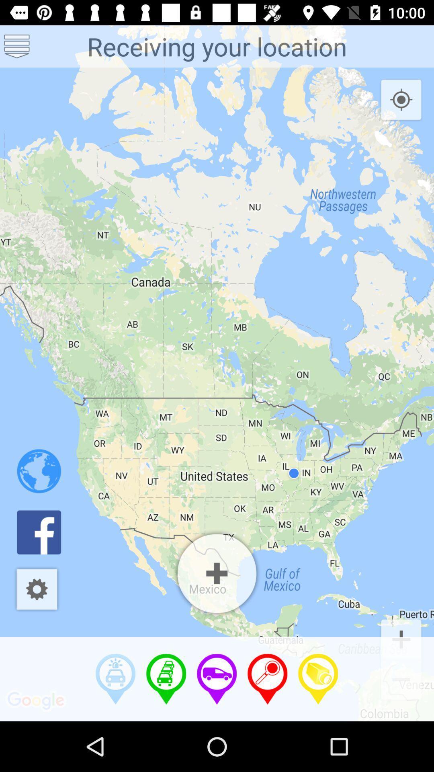  Describe the element at coordinates (37, 589) in the screenshot. I see `the settings icon` at that location.